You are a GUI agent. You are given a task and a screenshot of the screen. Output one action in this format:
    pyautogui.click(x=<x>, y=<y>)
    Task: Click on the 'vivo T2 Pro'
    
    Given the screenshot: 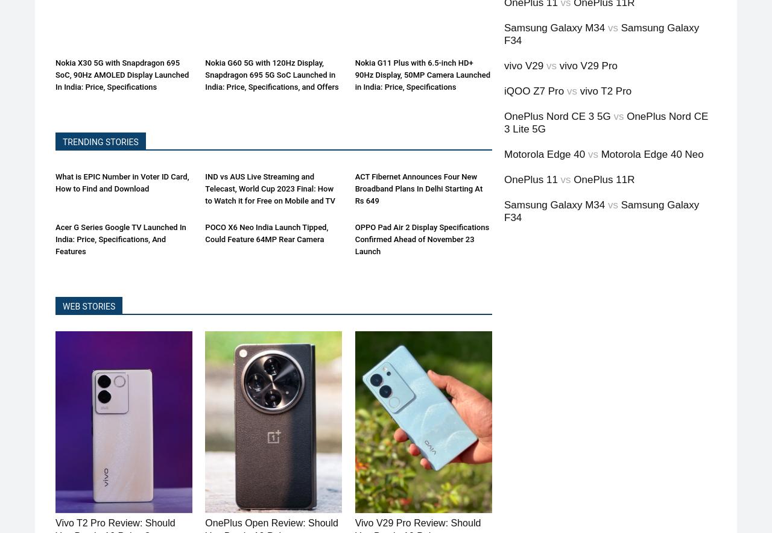 What is the action you would take?
    pyautogui.click(x=606, y=90)
    